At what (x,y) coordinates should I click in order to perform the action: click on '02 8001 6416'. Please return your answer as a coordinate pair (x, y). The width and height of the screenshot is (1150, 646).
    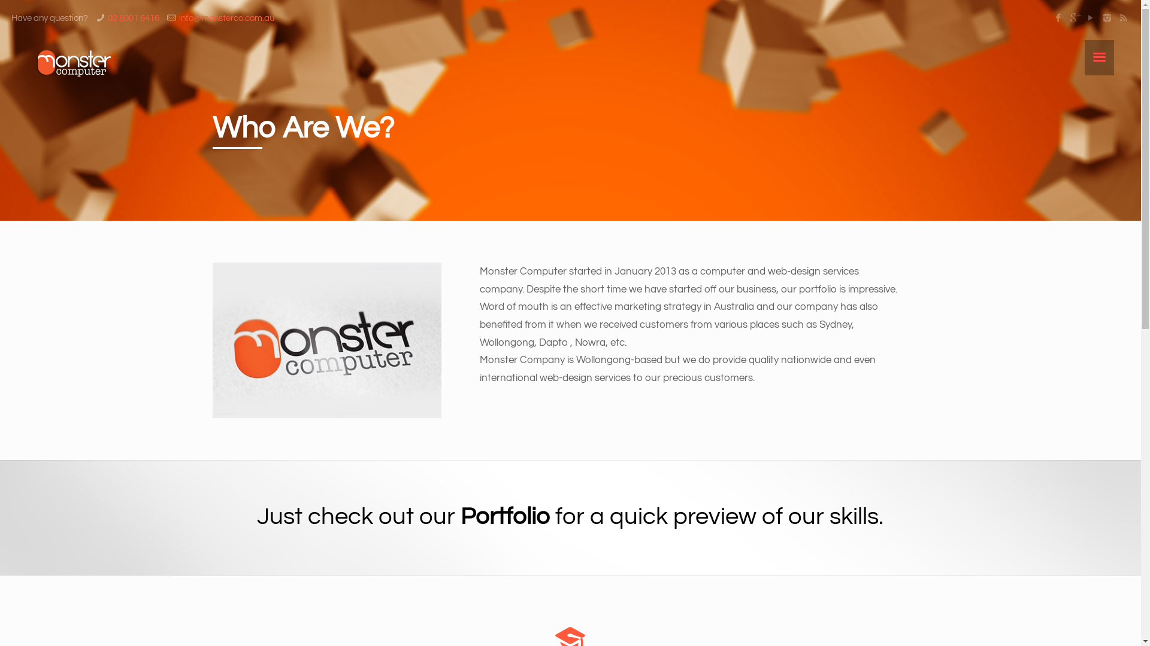
    Looking at the image, I should click on (133, 18).